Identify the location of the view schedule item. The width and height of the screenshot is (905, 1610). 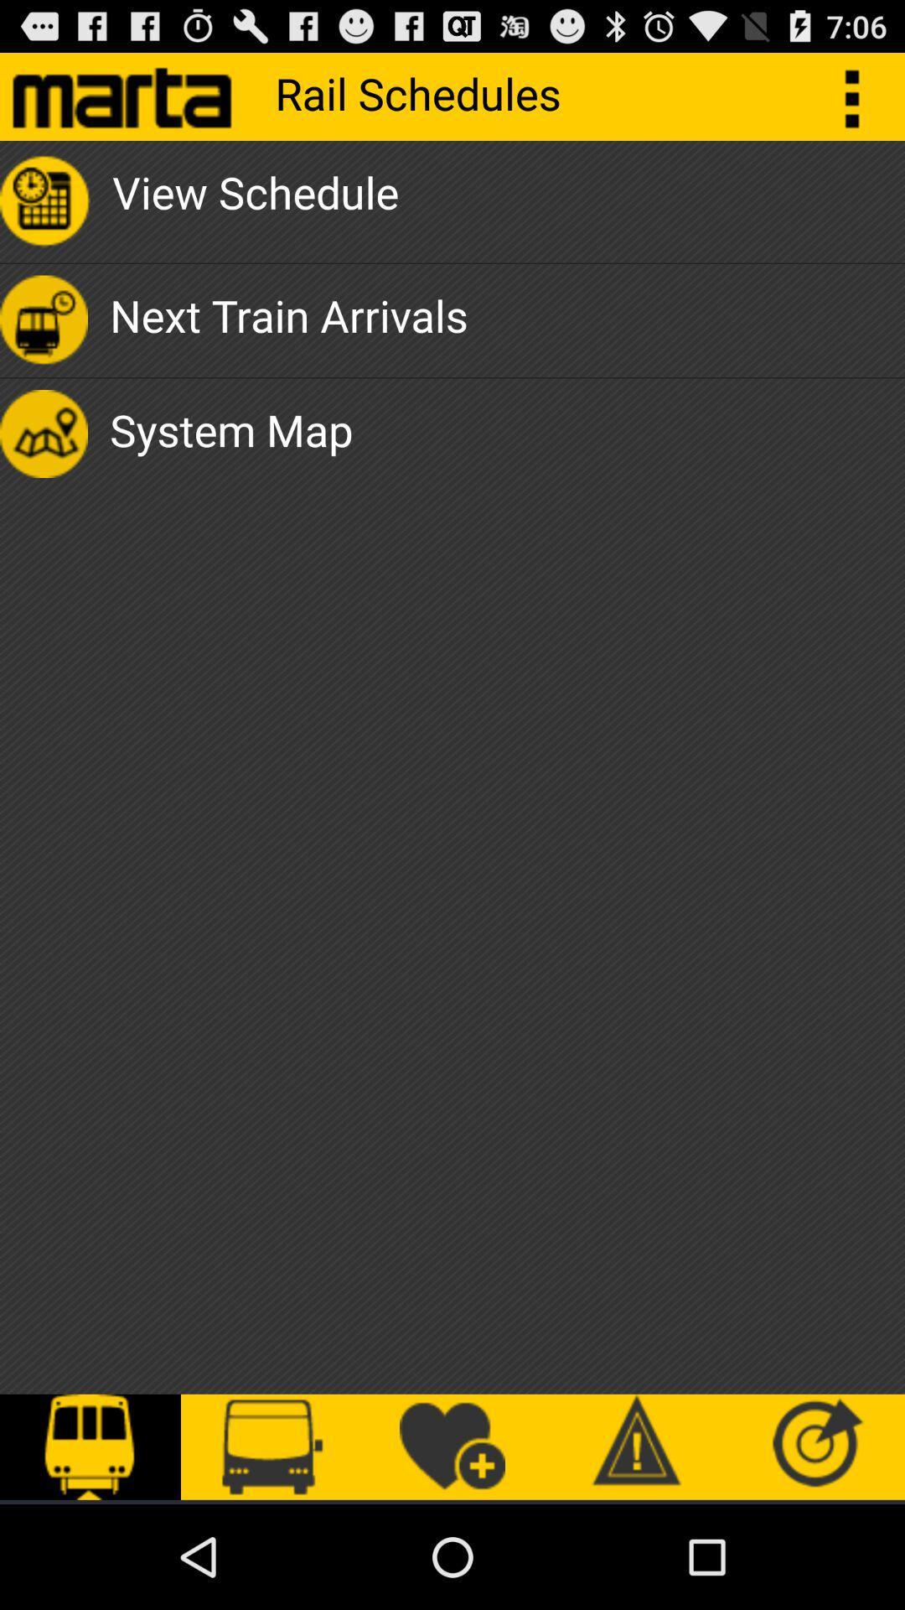
(256, 201).